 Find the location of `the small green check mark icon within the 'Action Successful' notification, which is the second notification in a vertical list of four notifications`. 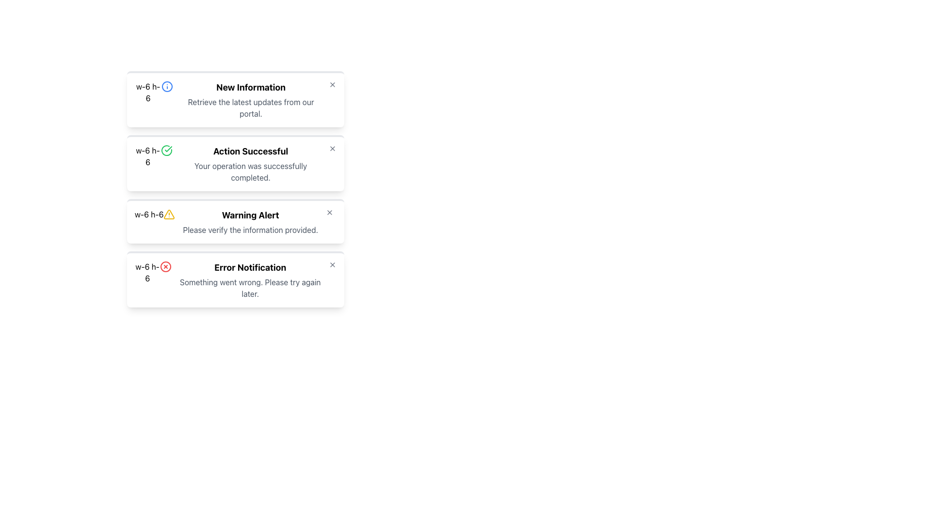

the small green check mark icon within the 'Action Successful' notification, which is the second notification in a vertical list of four notifications is located at coordinates (168, 149).